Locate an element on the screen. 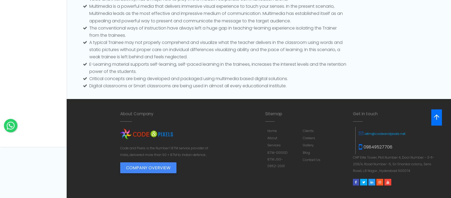 This screenshot has width=451, height=198. 'Careers' is located at coordinates (309, 138).